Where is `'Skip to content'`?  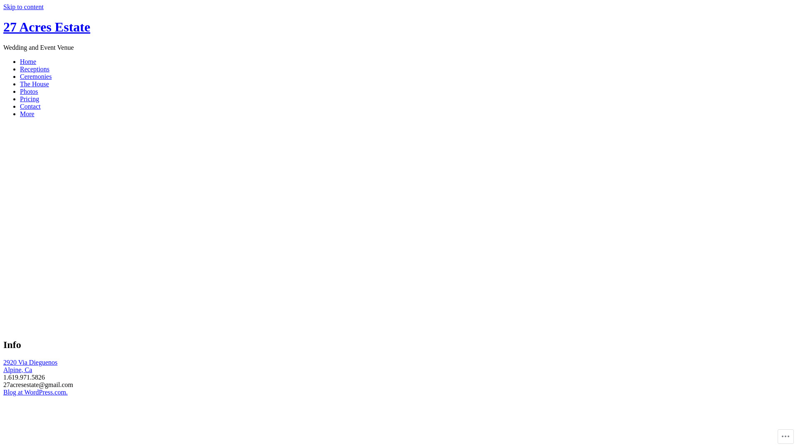
'Skip to content' is located at coordinates (3, 7).